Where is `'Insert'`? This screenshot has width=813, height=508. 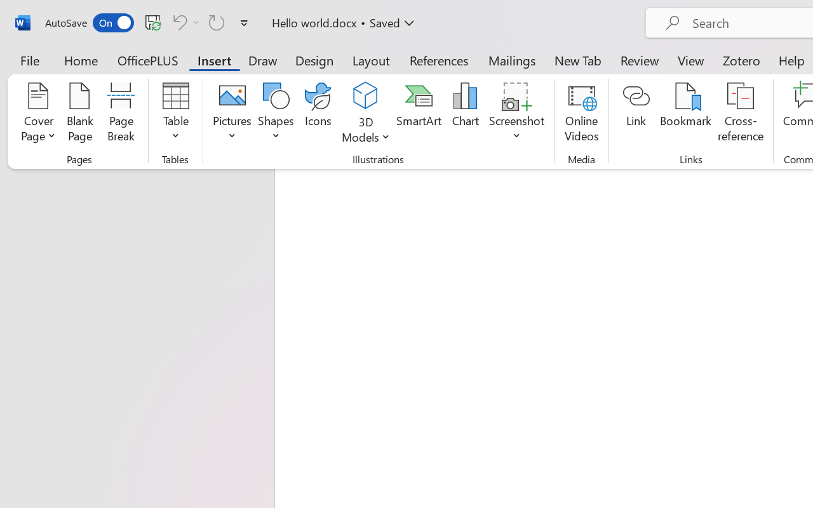 'Insert' is located at coordinates (214, 60).